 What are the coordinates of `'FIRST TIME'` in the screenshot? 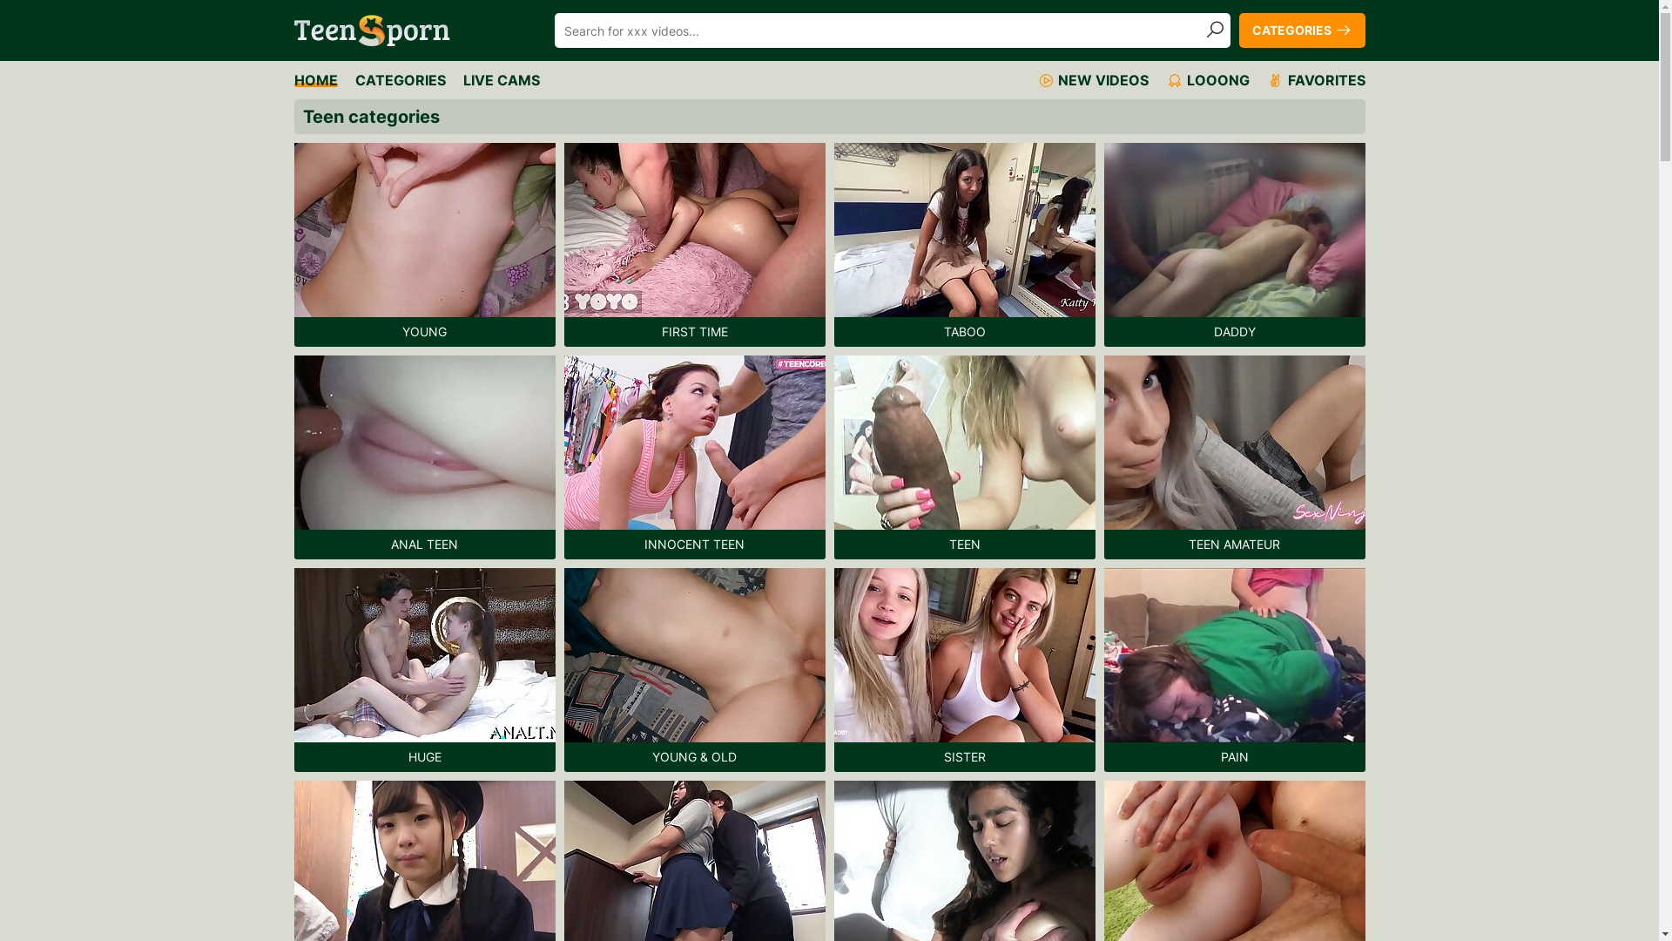 It's located at (693, 245).